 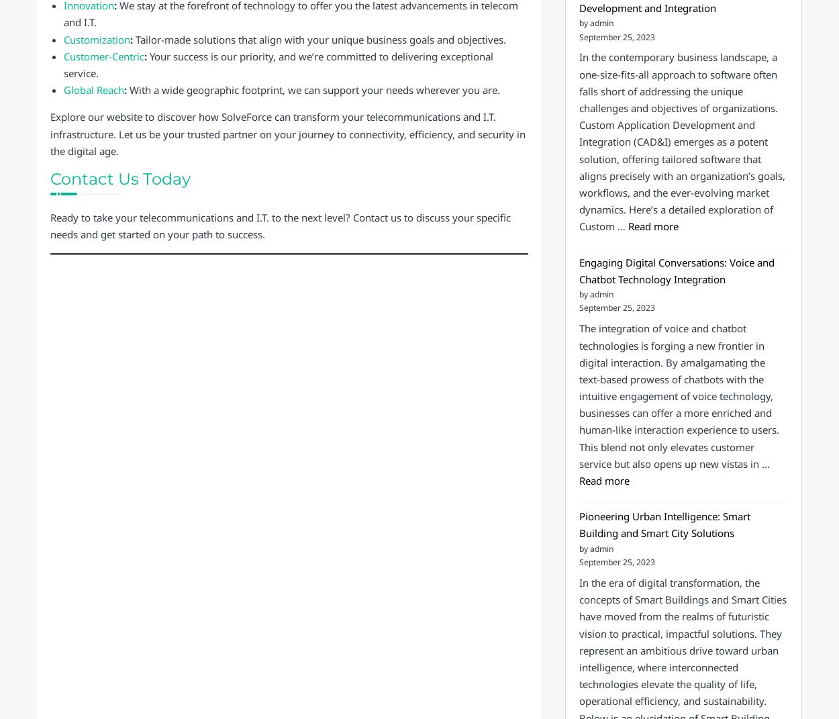 What do you see at coordinates (132, 38) in the screenshot?
I see `'Tailor-made solutions that align with your unique business goals and objectives.'` at bounding box center [132, 38].